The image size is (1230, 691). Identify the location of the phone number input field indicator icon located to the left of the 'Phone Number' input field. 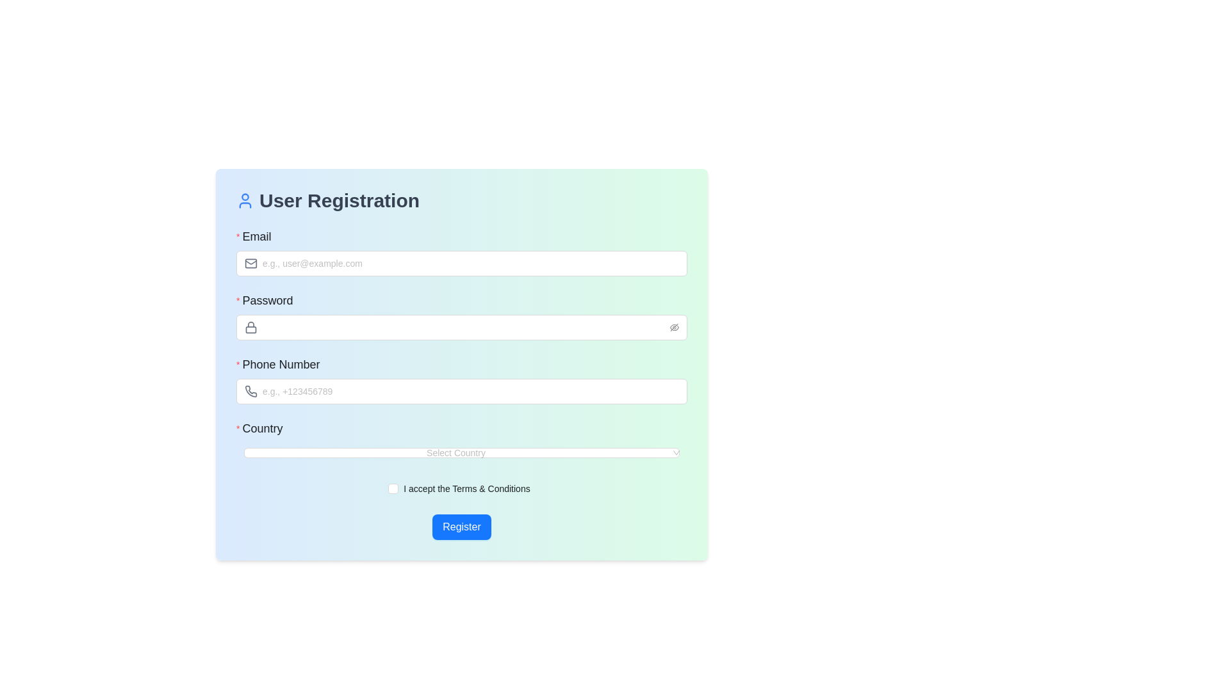
(251, 391).